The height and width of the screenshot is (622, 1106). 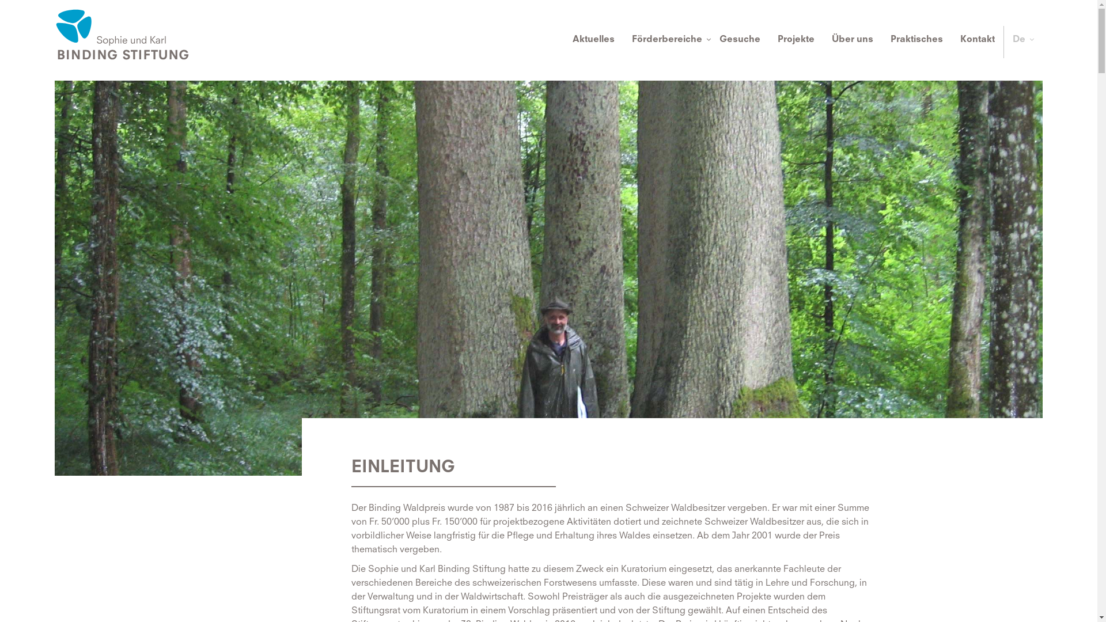 I want to click on 'Aktuelles', so click(x=593, y=41).